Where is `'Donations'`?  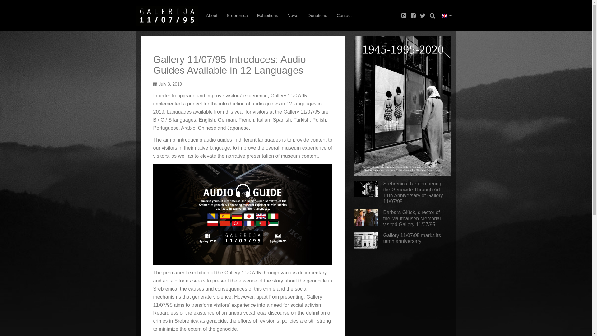
'Donations' is located at coordinates (317, 15).